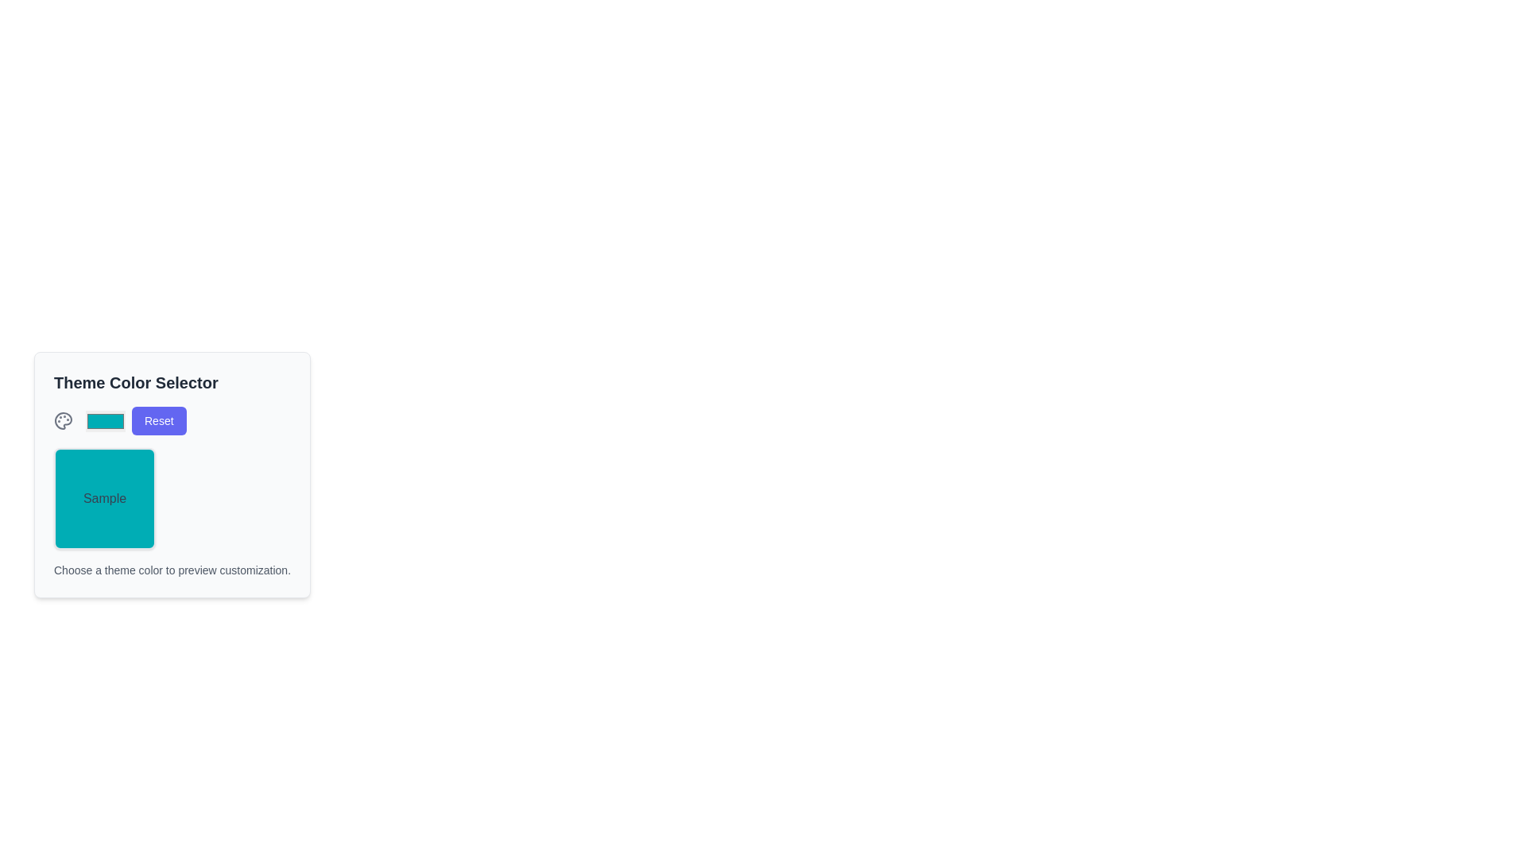 The height and width of the screenshot is (858, 1526). I want to click on the reset button, which is the third element in its row, so click(172, 419).